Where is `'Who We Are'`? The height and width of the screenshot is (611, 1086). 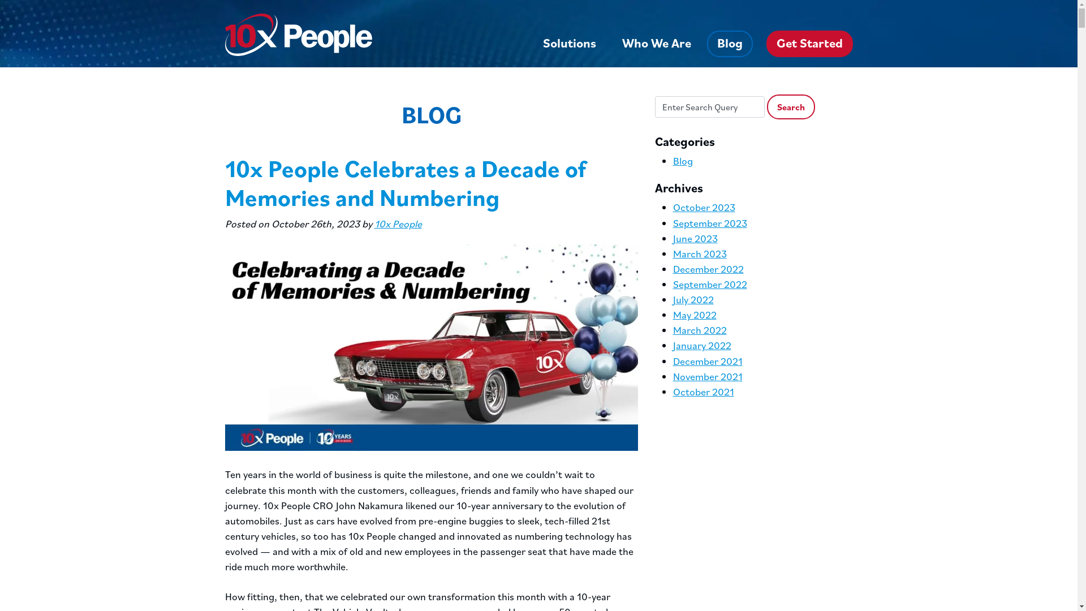 'Who We Are' is located at coordinates (657, 43).